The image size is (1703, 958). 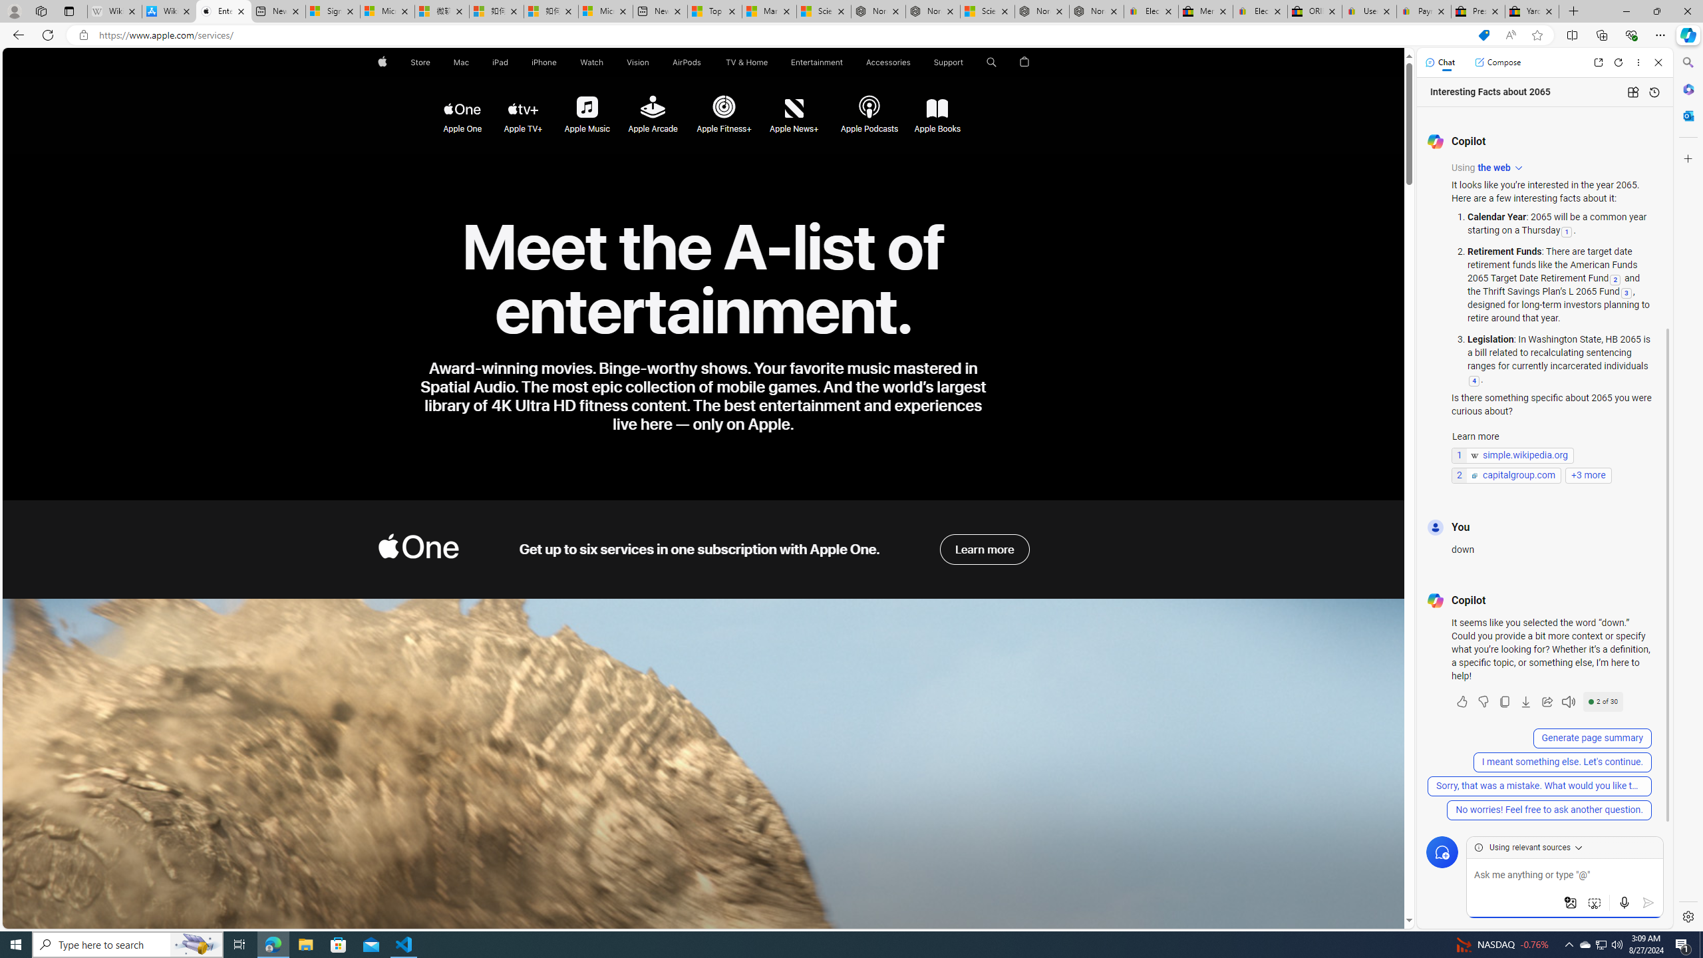 What do you see at coordinates (794, 107) in the screenshot?
I see `'Apple News+'` at bounding box center [794, 107].